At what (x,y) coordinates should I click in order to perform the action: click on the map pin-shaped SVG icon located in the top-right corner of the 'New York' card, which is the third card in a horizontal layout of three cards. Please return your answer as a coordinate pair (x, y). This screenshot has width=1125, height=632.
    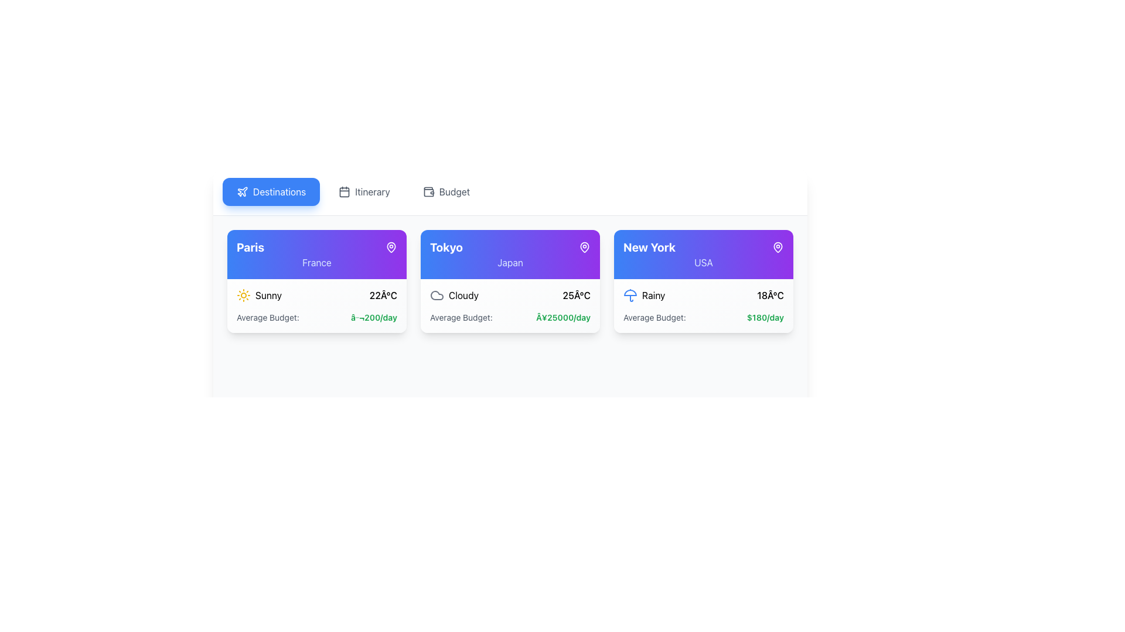
    Looking at the image, I should click on (778, 246).